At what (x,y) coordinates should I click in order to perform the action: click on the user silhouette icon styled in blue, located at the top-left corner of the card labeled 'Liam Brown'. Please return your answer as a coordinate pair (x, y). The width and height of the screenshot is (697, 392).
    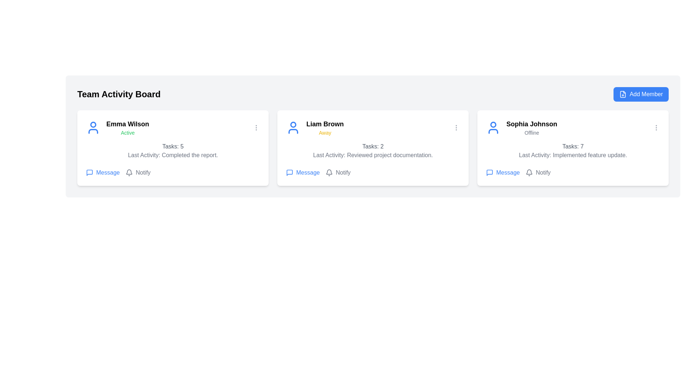
    Looking at the image, I should click on (293, 127).